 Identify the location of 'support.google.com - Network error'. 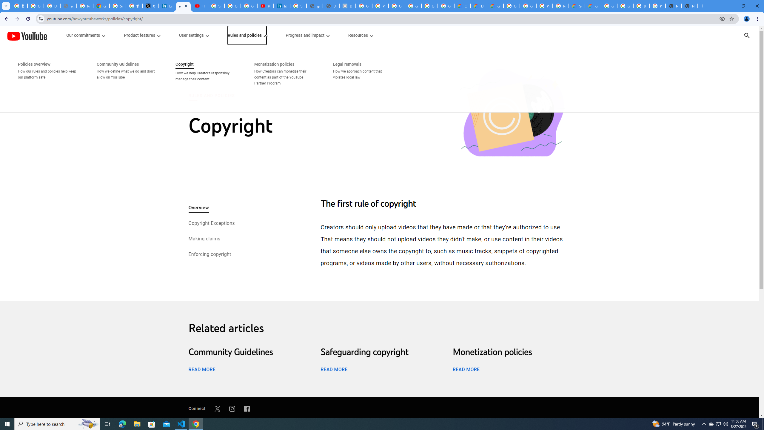
(68, 6).